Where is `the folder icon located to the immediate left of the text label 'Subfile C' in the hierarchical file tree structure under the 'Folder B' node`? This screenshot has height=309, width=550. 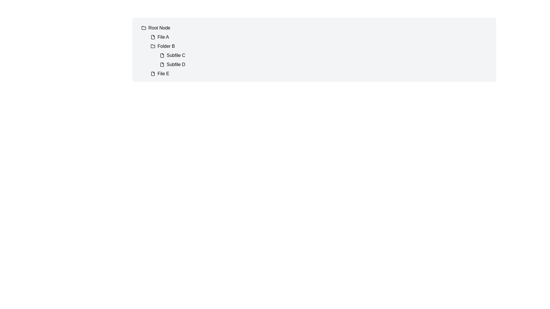
the folder icon located to the immediate left of the text label 'Subfile C' in the hierarchical file tree structure under the 'Folder B' node is located at coordinates (162, 55).